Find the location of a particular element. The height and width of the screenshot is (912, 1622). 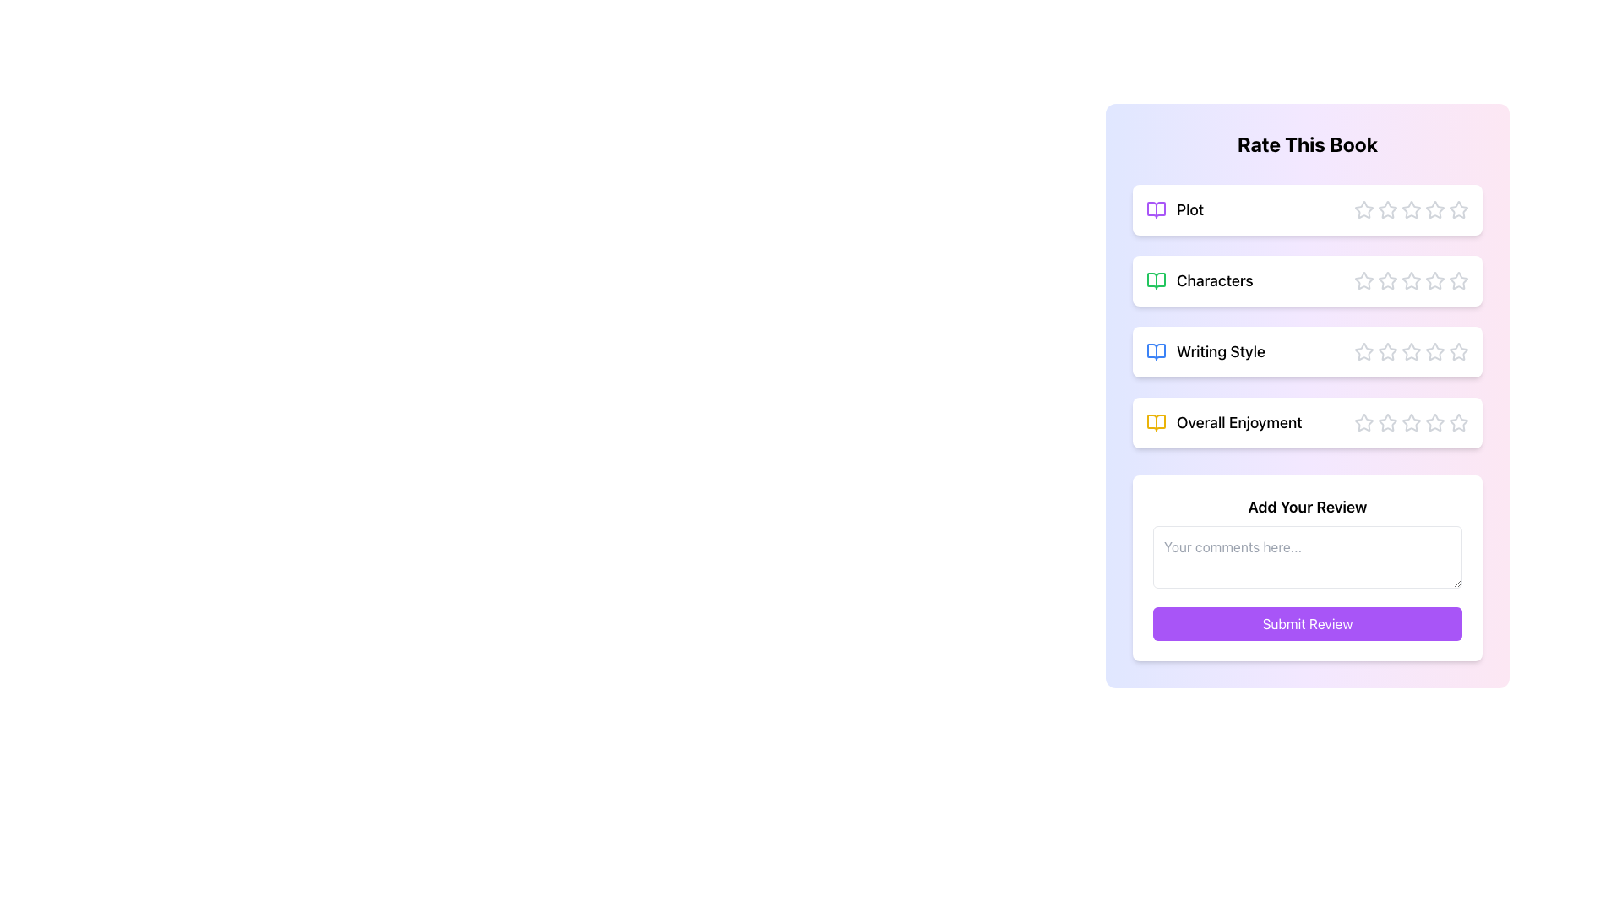

the Header indicating the purpose of the interface for rating a book, which is located at the top of the rating sections is located at coordinates (1307, 143).